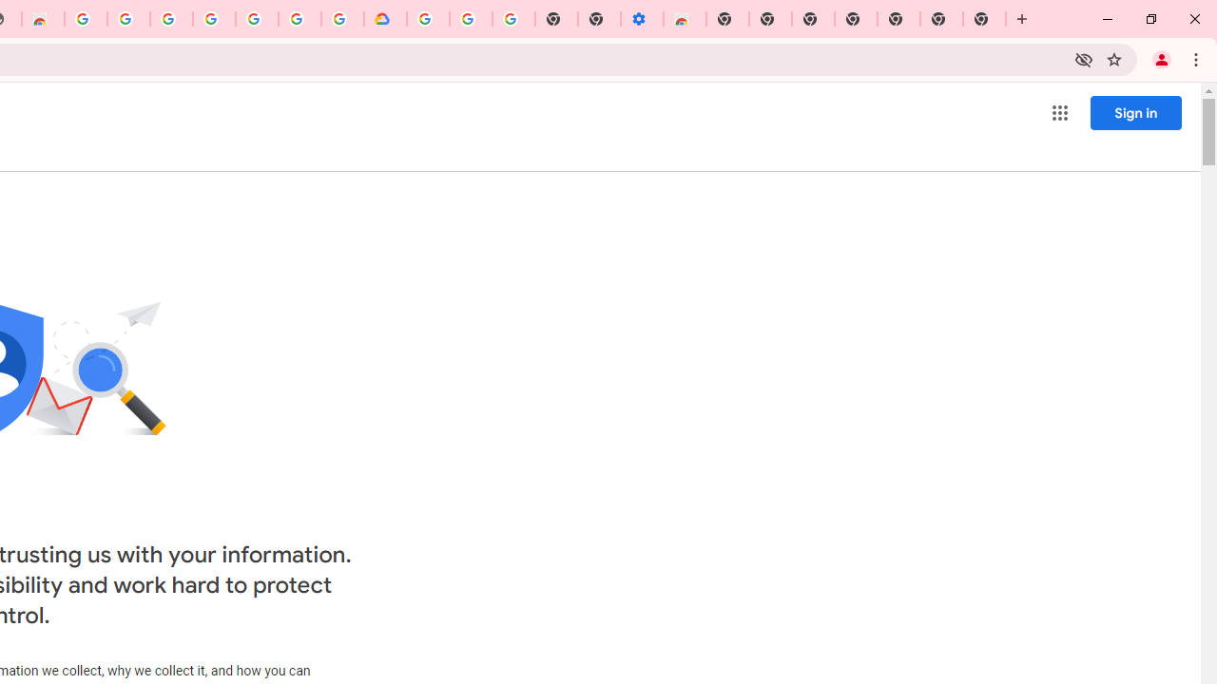  I want to click on 'Turn cookies on or off - Computer - Google Account Help', so click(513, 19).